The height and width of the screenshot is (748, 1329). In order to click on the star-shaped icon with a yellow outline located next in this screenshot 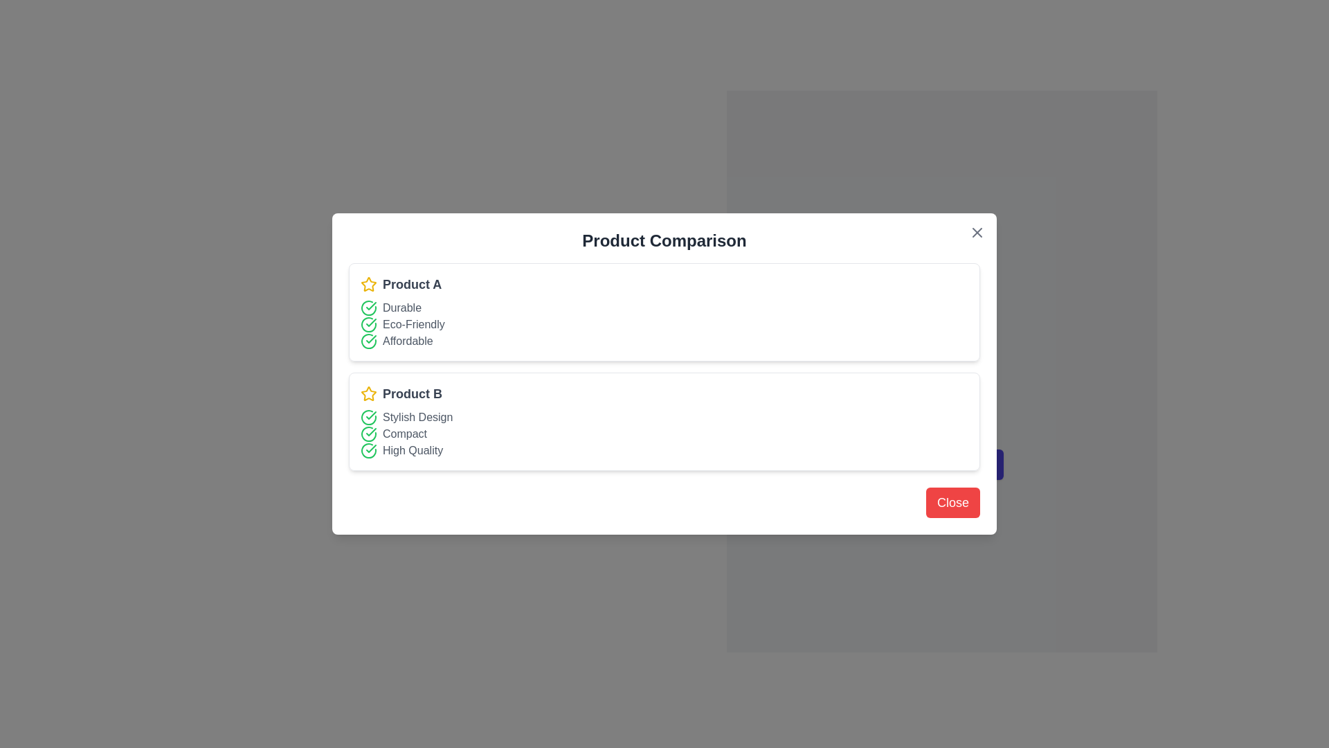, I will do `click(368, 394)`.